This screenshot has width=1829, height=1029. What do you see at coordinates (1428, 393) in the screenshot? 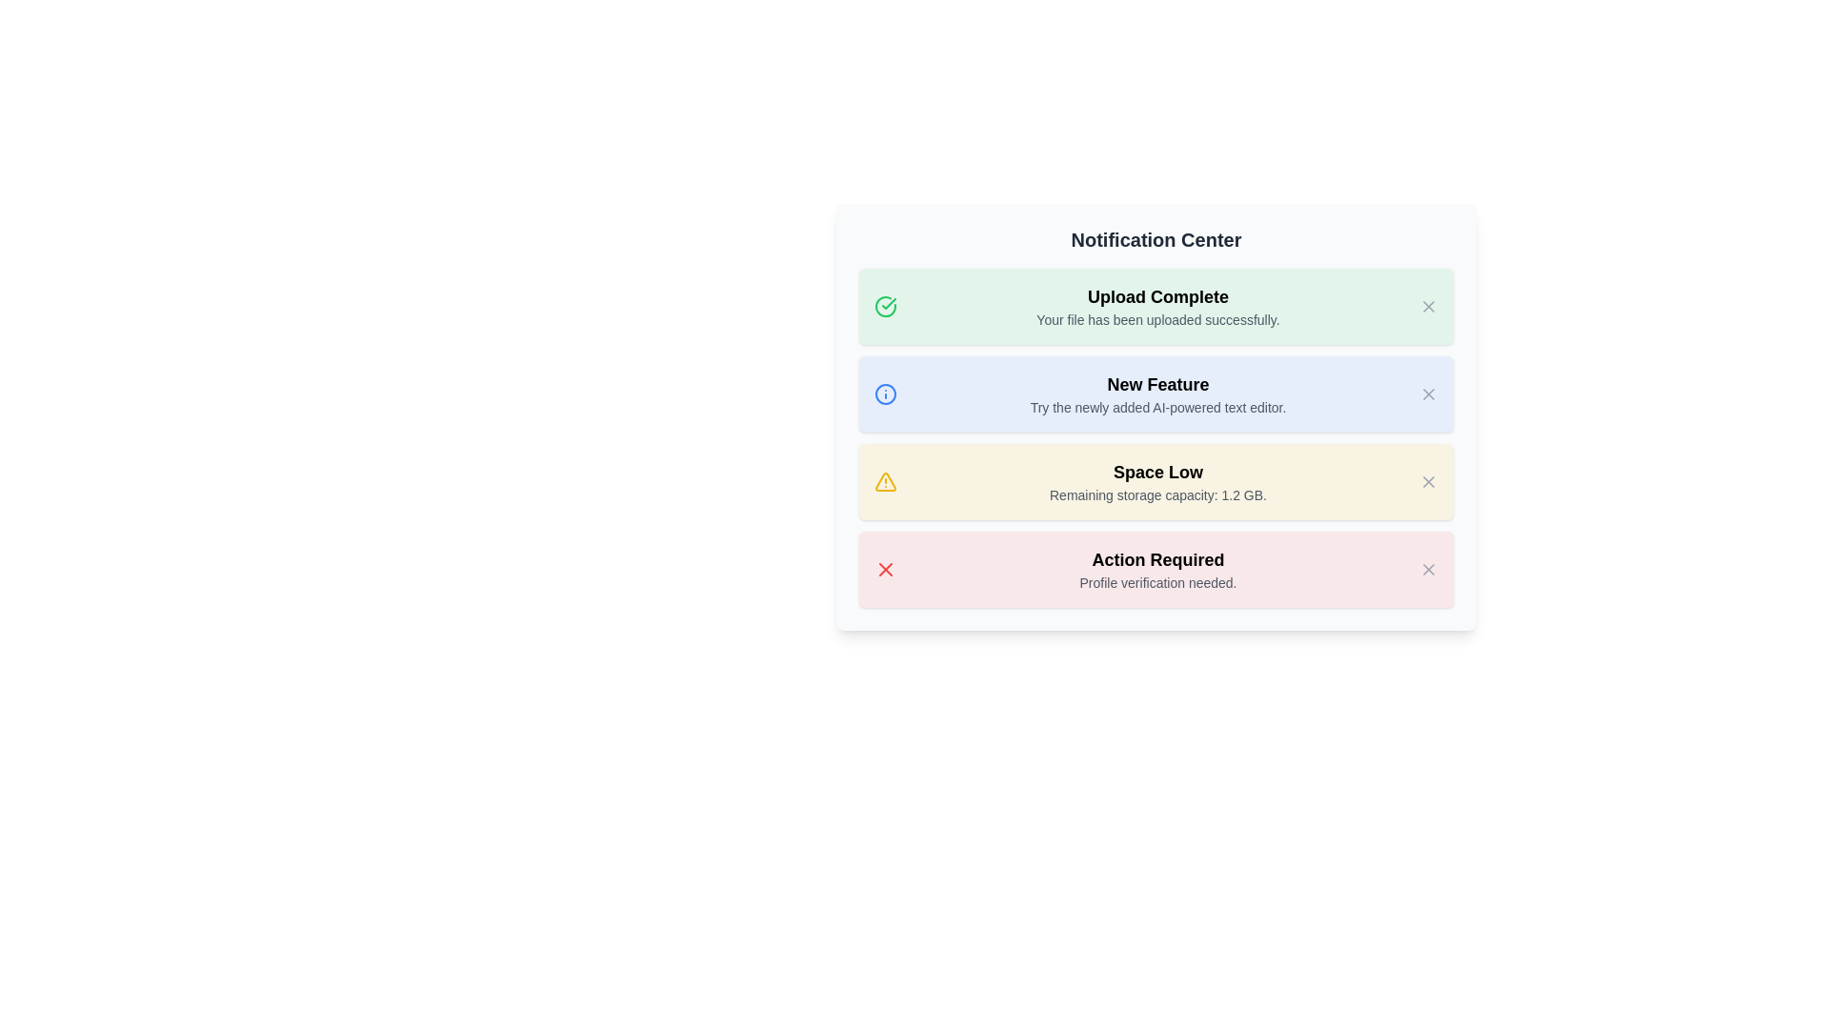
I see `the cross icon` at bounding box center [1428, 393].